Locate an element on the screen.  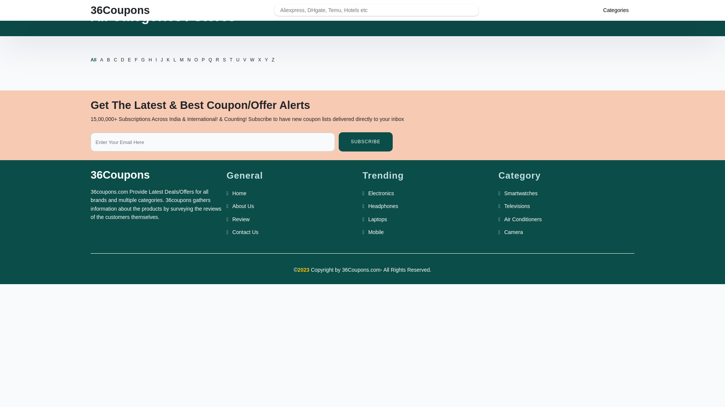
'Contact Us' is located at coordinates (245, 232).